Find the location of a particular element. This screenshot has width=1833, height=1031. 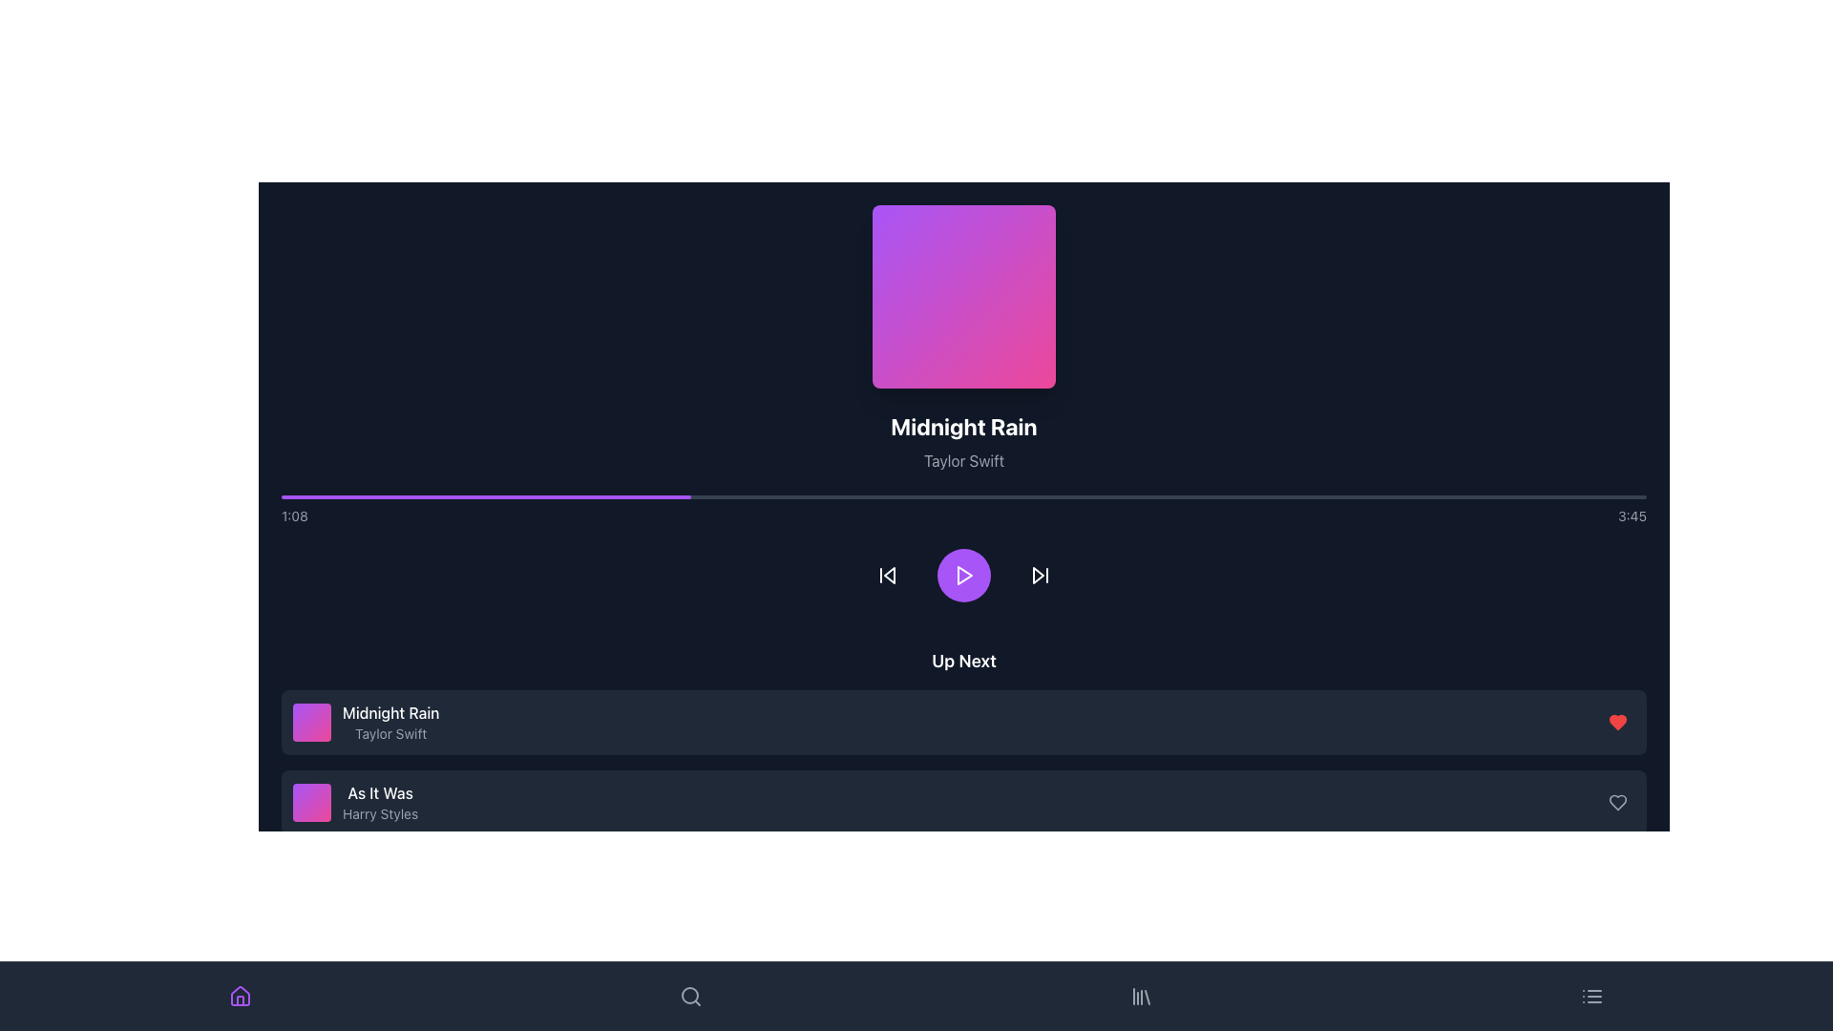

current playback time displayed on the leftmost Text label indicating minutes and seconds for the audio or video being played is located at coordinates (293, 515).